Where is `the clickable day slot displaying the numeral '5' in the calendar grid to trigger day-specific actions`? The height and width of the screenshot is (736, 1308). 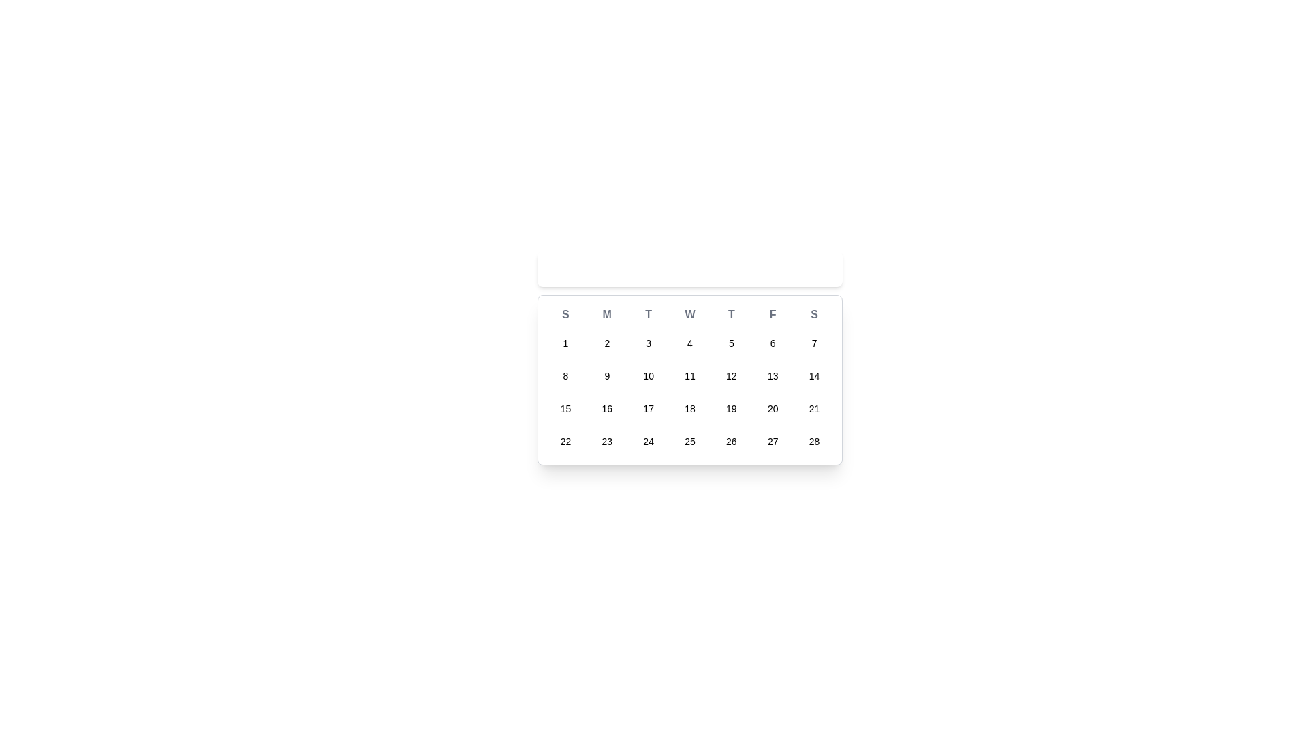
the clickable day slot displaying the numeral '5' in the calendar grid to trigger day-specific actions is located at coordinates (730, 343).